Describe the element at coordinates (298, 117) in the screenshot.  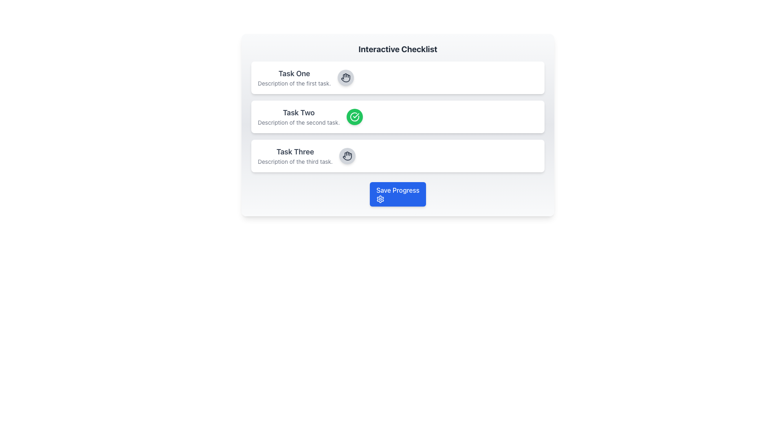
I see `the label containing the title 'Task Two'` at that location.